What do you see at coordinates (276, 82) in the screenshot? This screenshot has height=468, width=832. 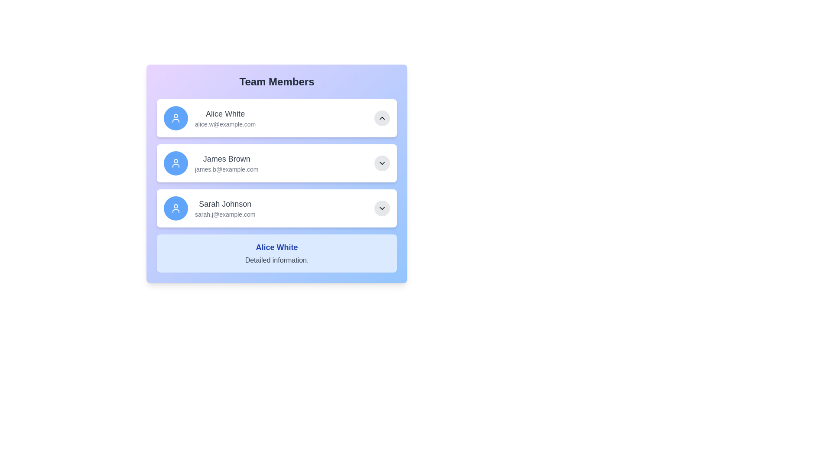 I see `the static text label reading 'Team Members', which is styled in a large, bold font and positioned at the top of a card layout` at bounding box center [276, 82].